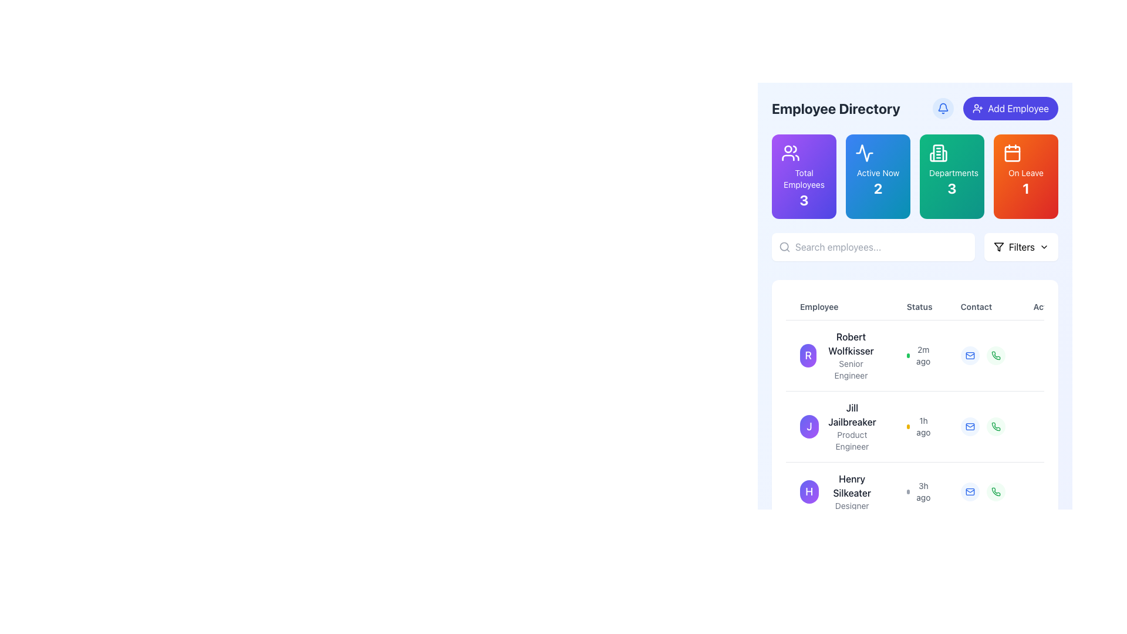 This screenshot has width=1127, height=634. What do you see at coordinates (937, 153) in the screenshot?
I see `the 'Departments' icon located within the green 'Departments' card, positioned third from left among four cards below the 'Employee Directory' title` at bounding box center [937, 153].